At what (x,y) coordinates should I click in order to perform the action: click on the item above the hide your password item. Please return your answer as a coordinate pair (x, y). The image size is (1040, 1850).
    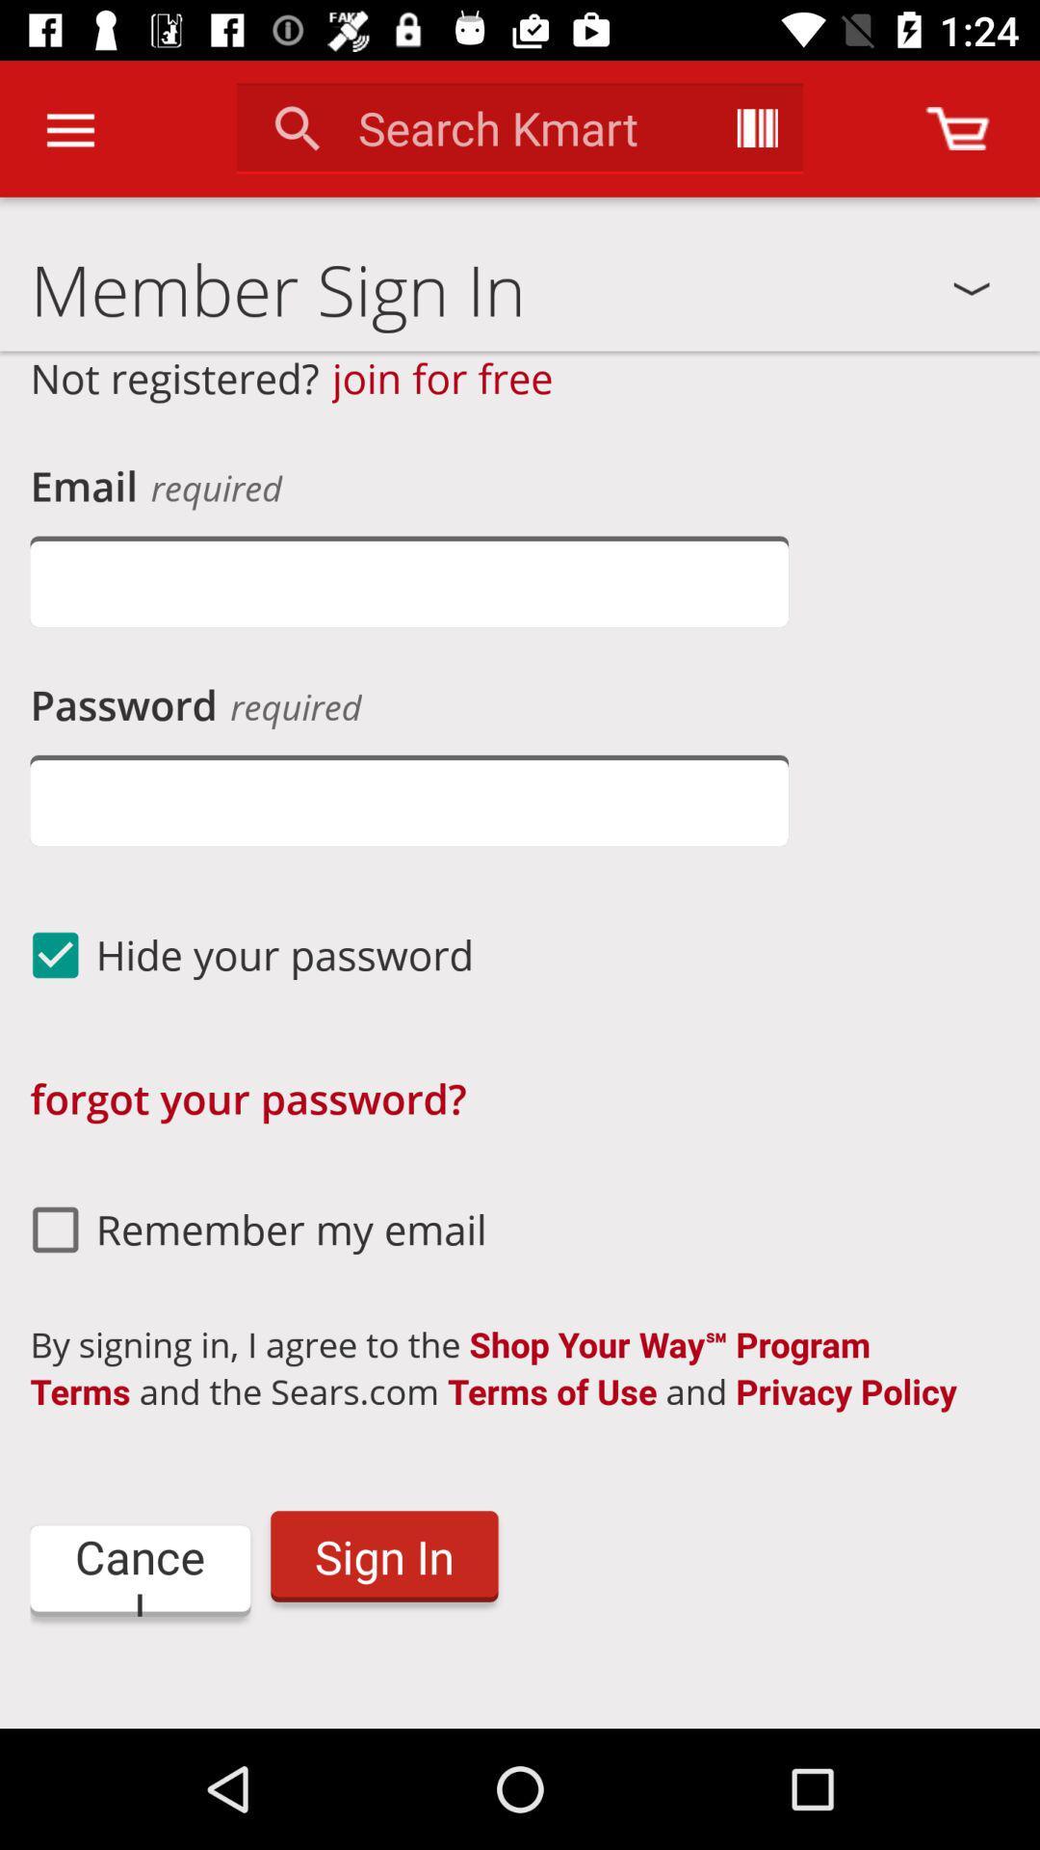
    Looking at the image, I should click on (408, 800).